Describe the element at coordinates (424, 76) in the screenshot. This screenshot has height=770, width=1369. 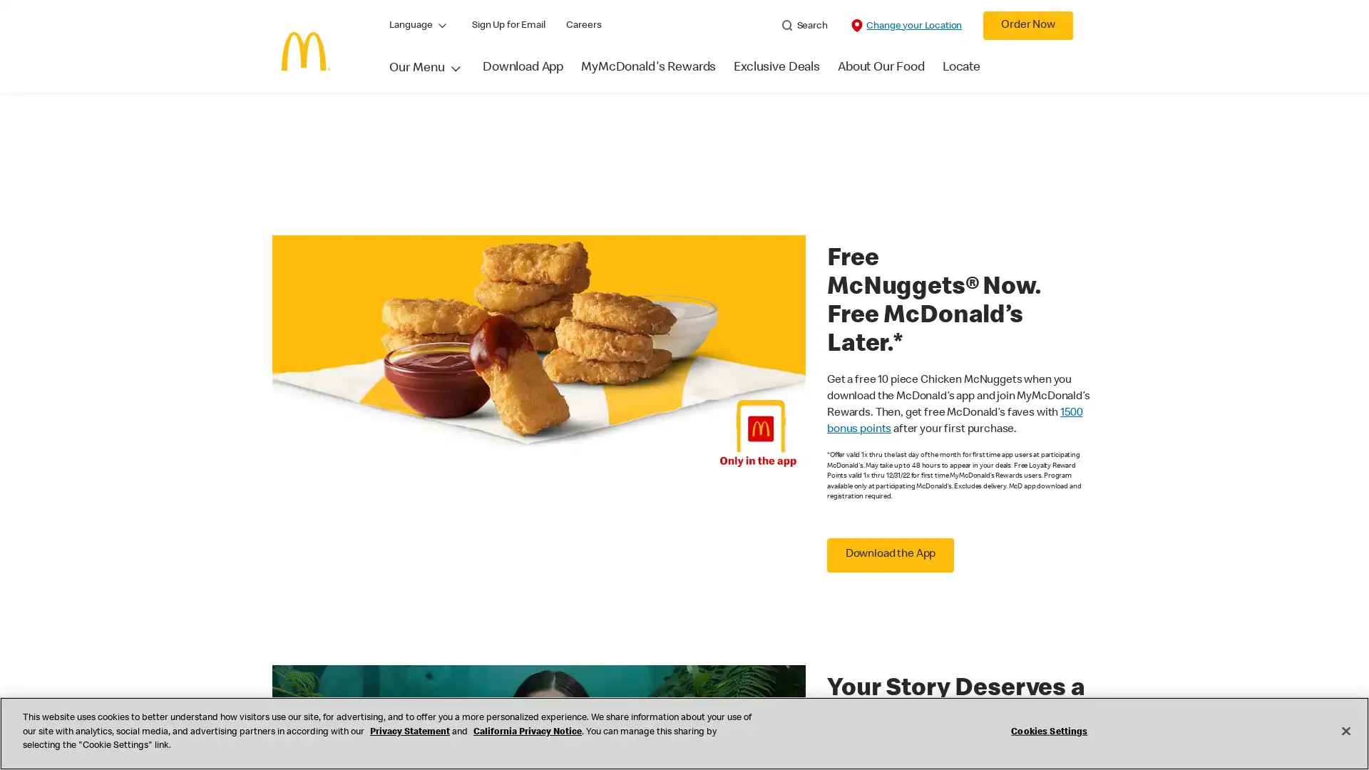
I see `Our Menu` at that location.